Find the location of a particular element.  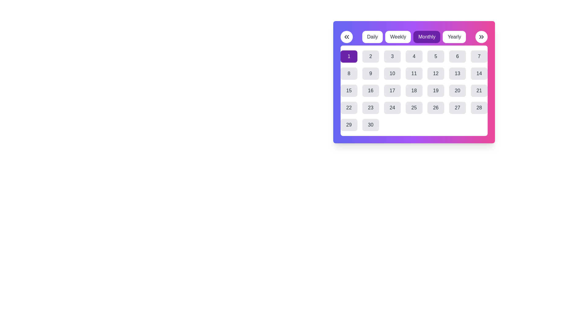

the button displaying the text '6', located in the first row and sixth column of the grid layout is located at coordinates (457, 57).